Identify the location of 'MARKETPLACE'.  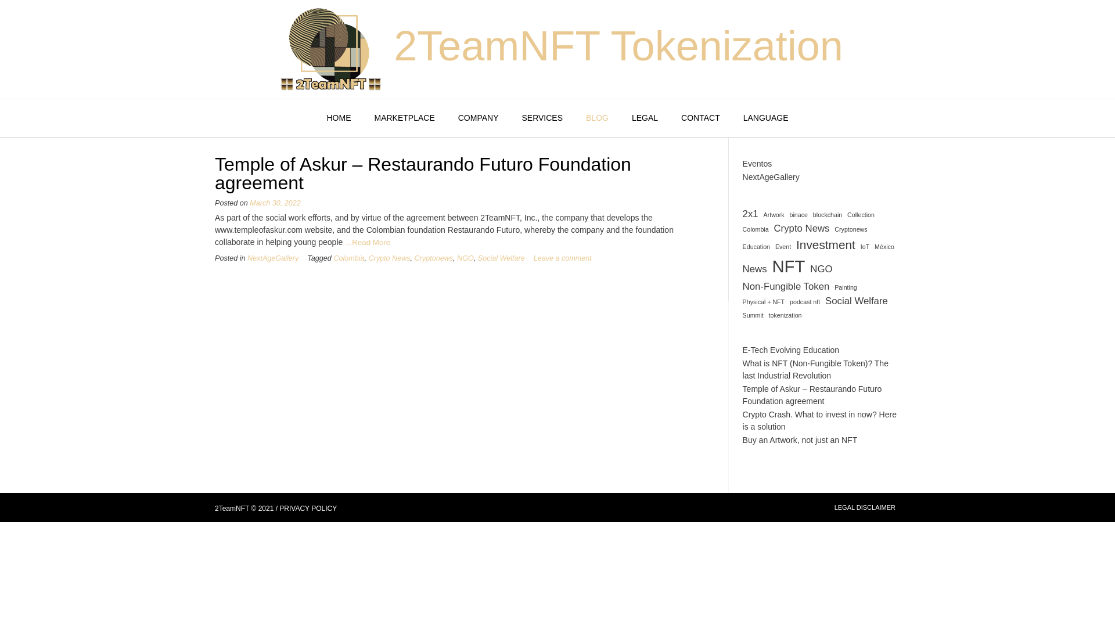
(404, 118).